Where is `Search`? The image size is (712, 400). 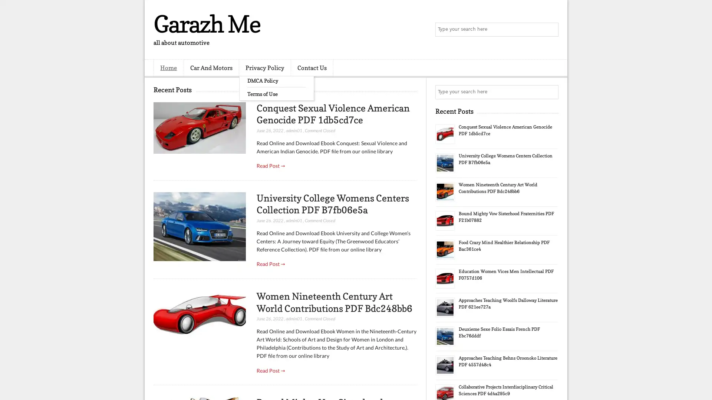
Search is located at coordinates (551, 92).